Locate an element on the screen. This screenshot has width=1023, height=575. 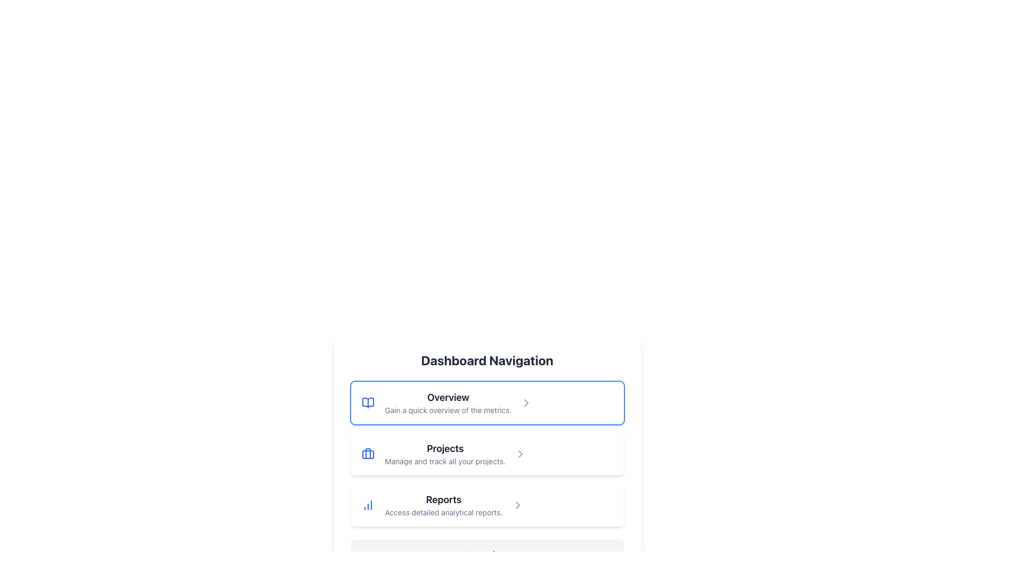
the 'Projects' navigation item in the Dashboard Navigation list is located at coordinates (486, 454).